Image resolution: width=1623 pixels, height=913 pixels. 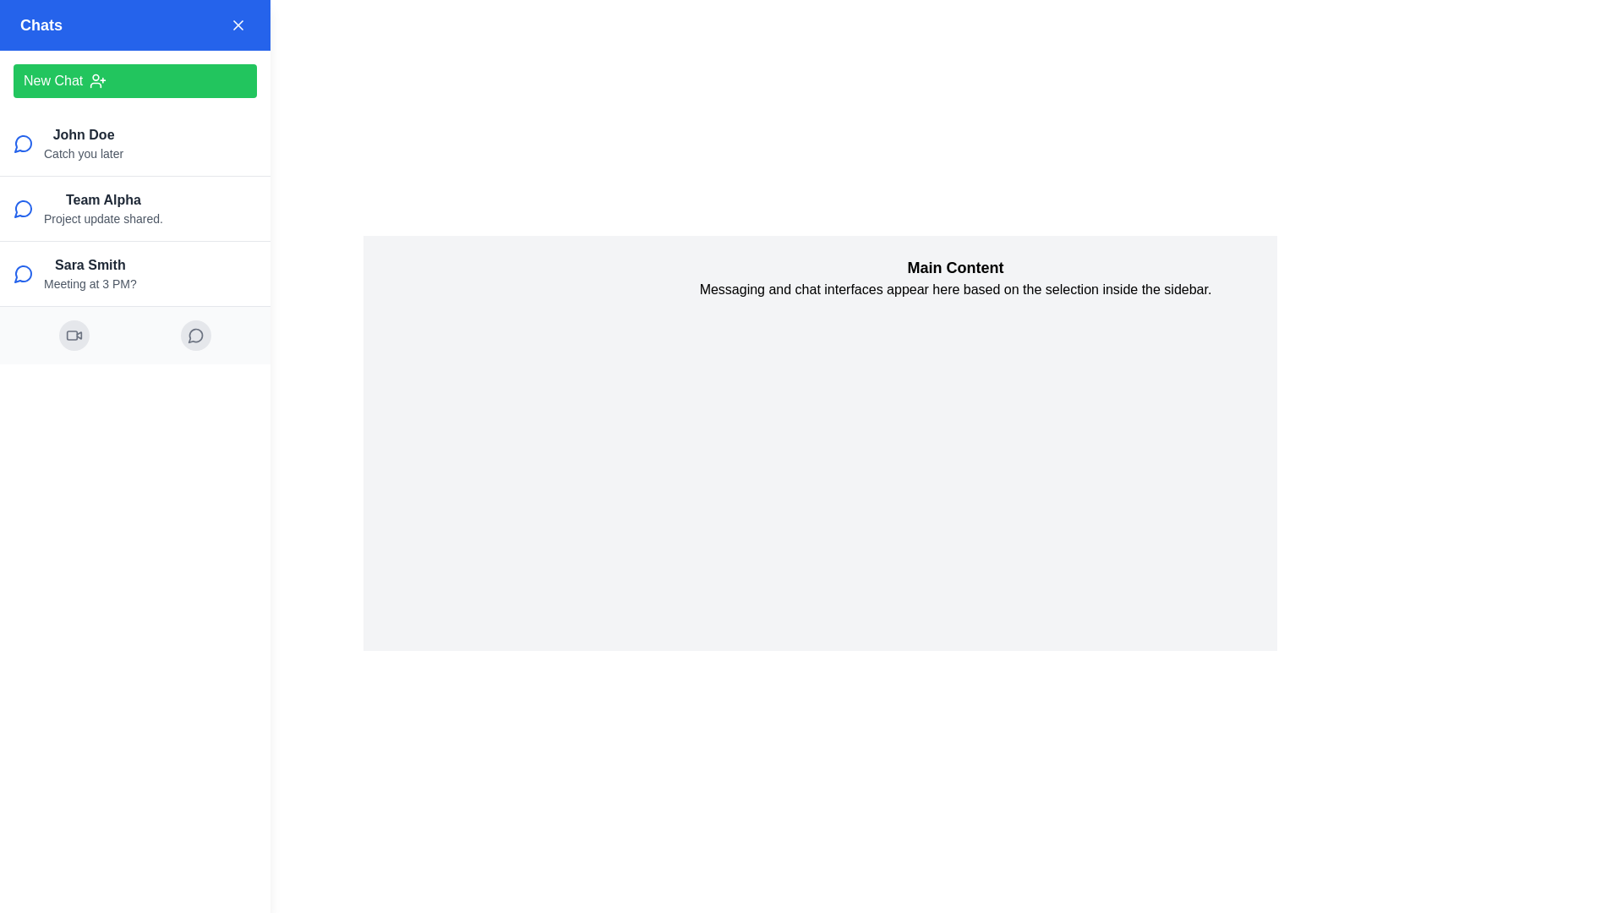 What do you see at coordinates (32, 32) in the screenshot?
I see `the close button located in the top-left corner of the interface` at bounding box center [32, 32].